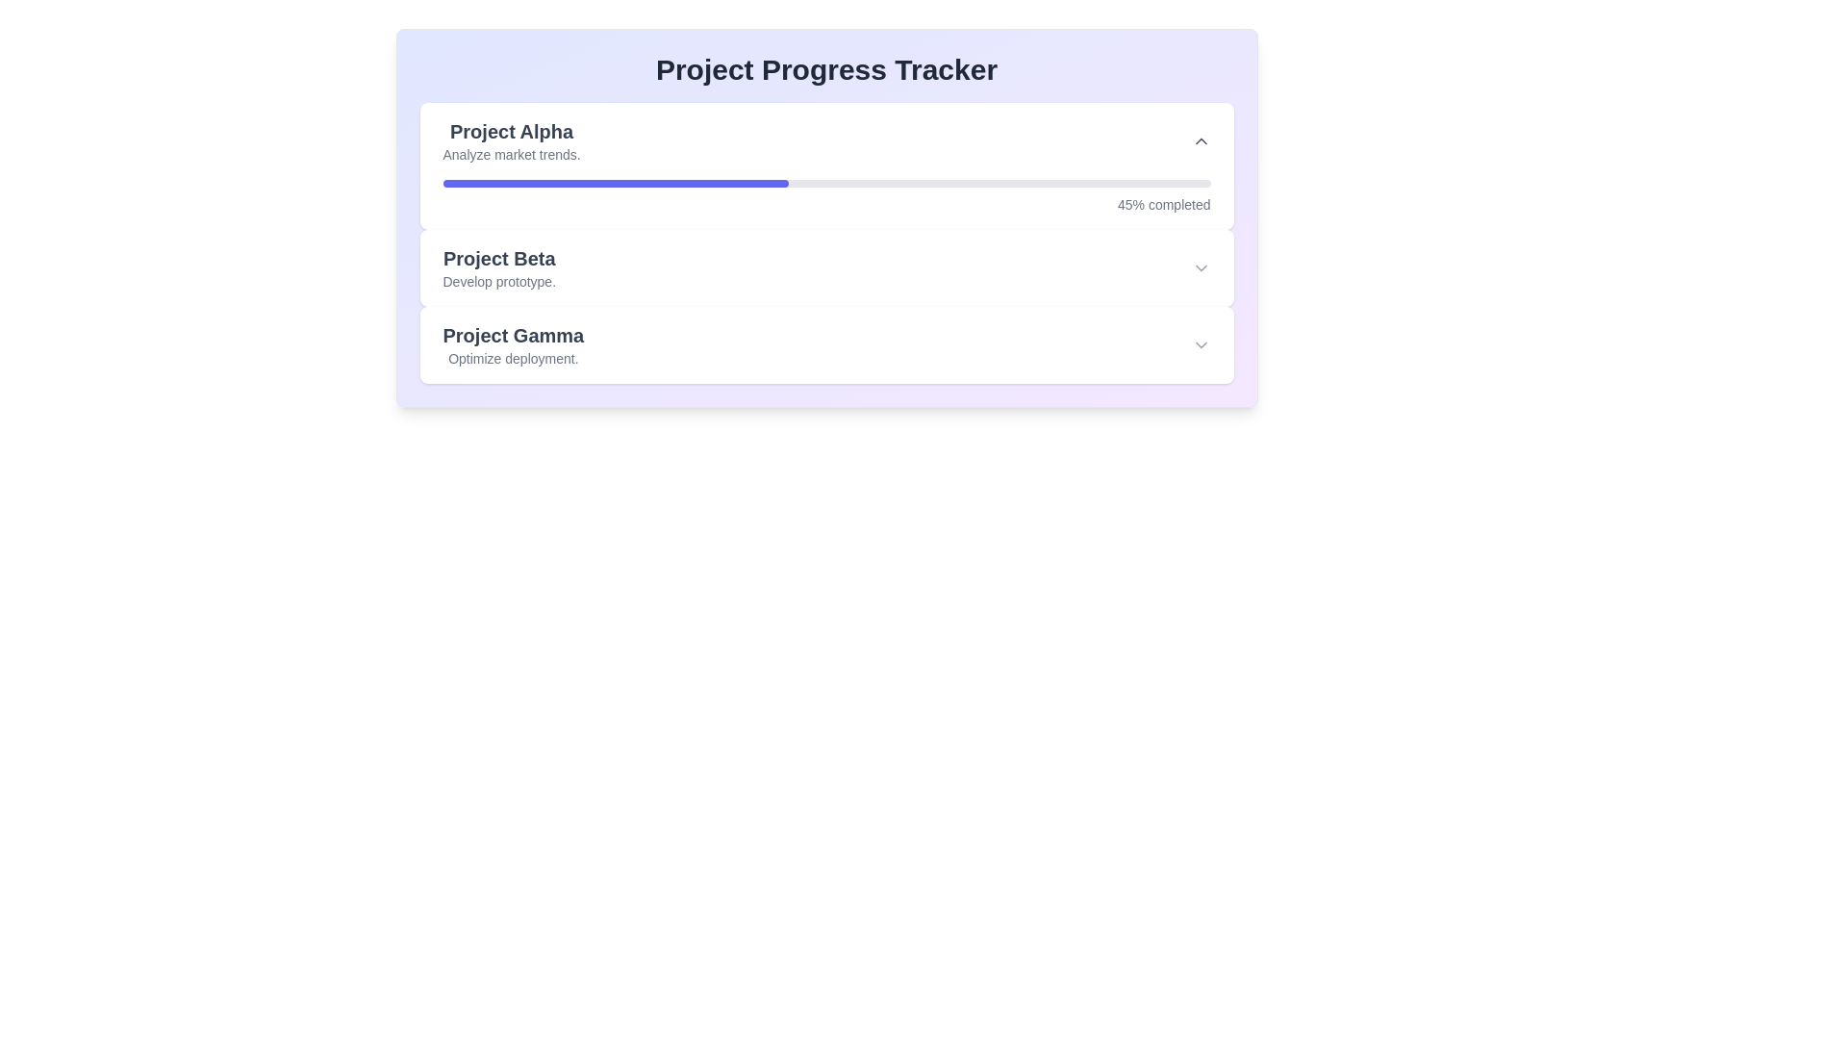 This screenshot has width=1847, height=1039. I want to click on the horizontal progress bar with the percentage indicator reading '45% completed' located in the 'Project Alpha' section of the 'Project Progress Tracker', so click(826, 196).